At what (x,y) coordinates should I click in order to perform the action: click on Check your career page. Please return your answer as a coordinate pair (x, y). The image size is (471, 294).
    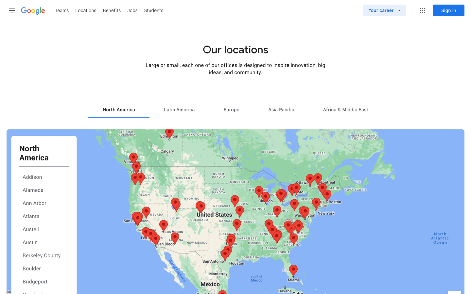
    Looking at the image, I should click on (394, 10).